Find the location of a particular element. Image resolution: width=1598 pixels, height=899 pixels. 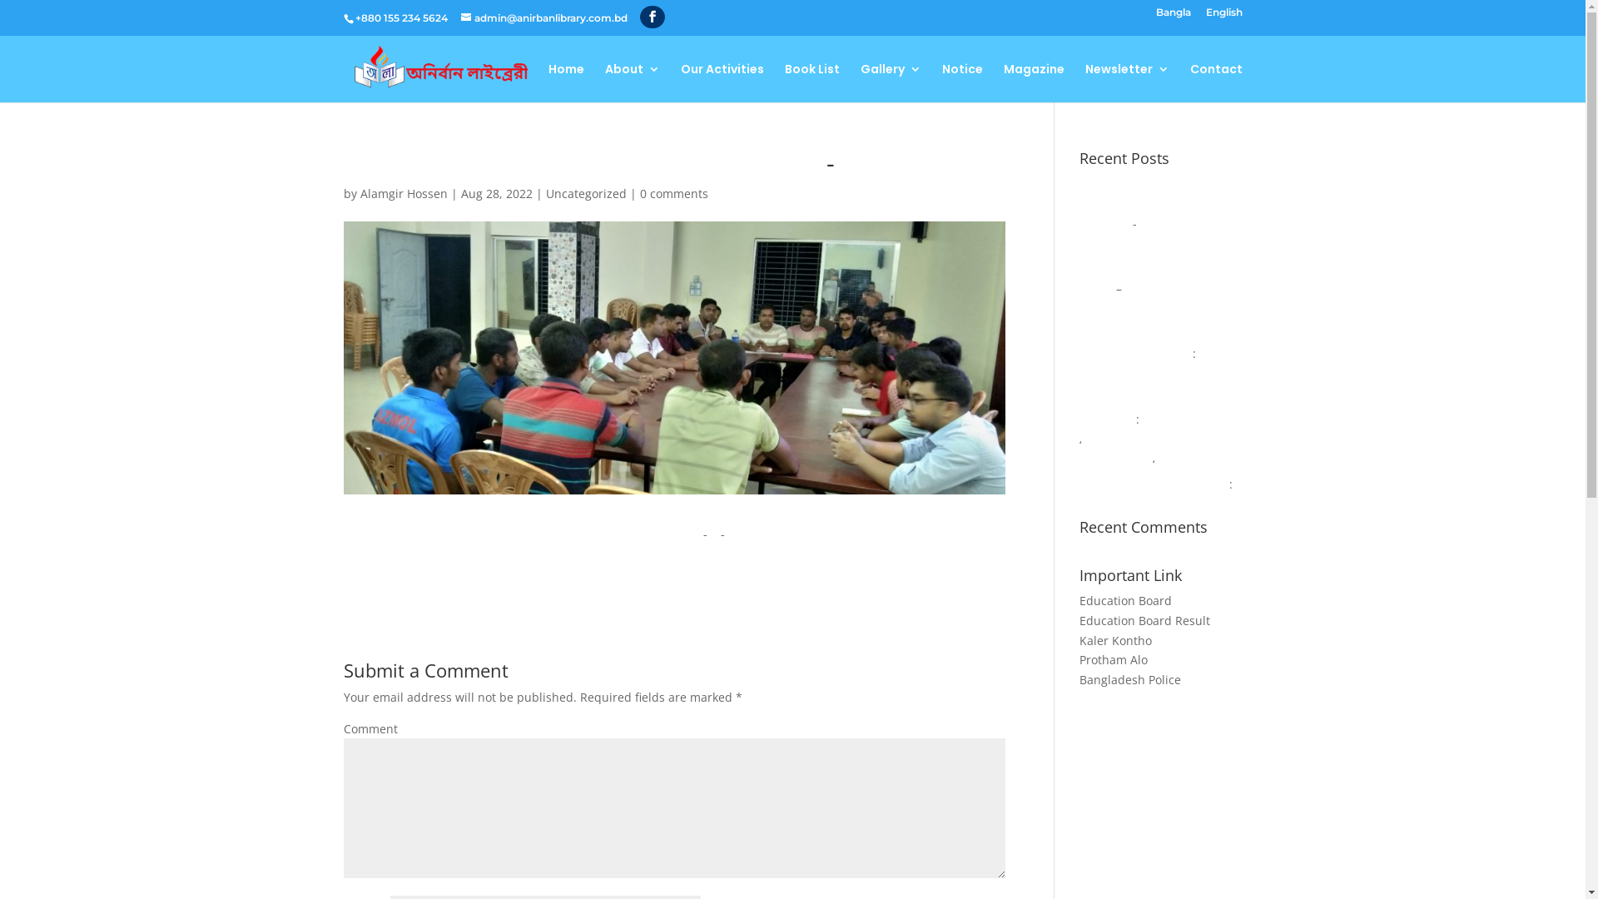

'Kaler Kontho' is located at coordinates (1115, 639).